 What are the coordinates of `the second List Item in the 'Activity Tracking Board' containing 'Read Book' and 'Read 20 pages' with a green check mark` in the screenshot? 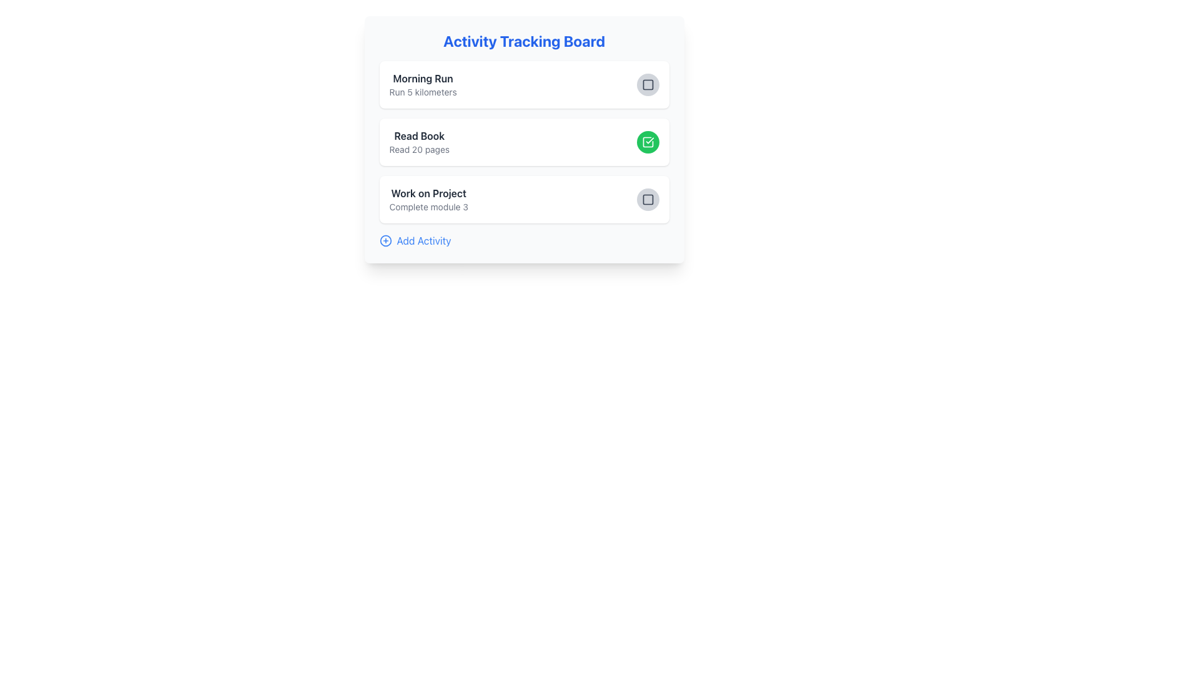 It's located at (524, 154).